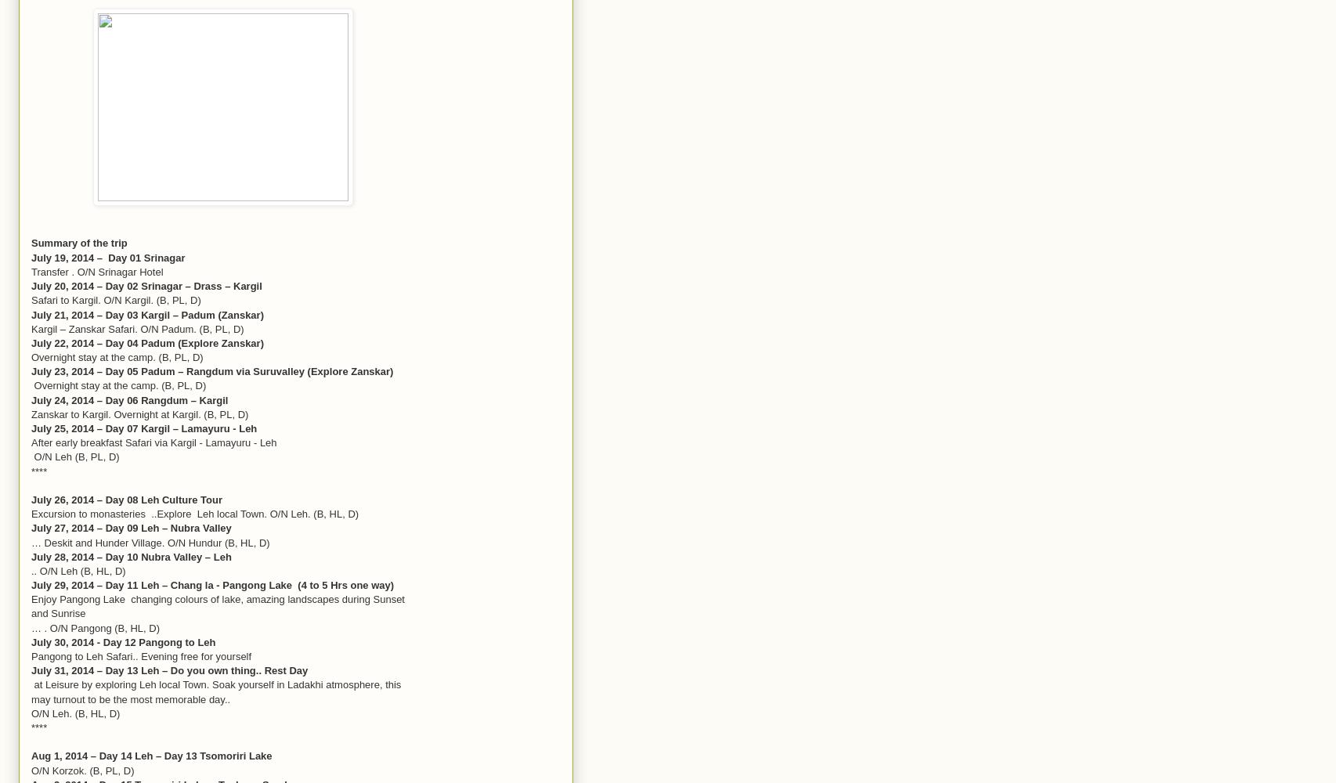  What do you see at coordinates (144, 428) in the screenshot?
I see `'July 25, 2014 – Day 07 Kargil – Lamayuru - Leh'` at bounding box center [144, 428].